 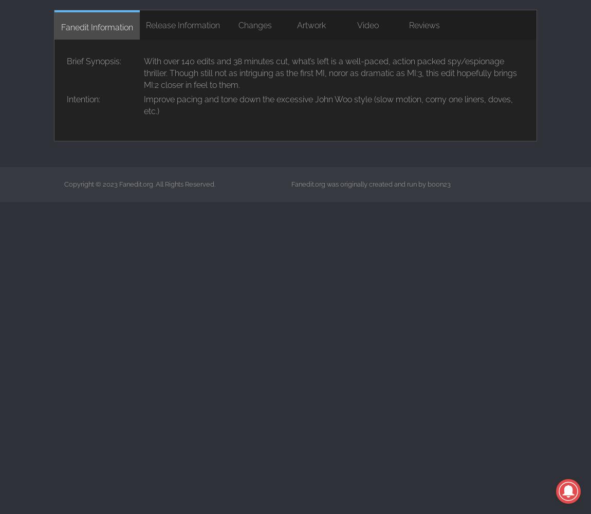 What do you see at coordinates (93, 61) in the screenshot?
I see `'Brief Synopsis:'` at bounding box center [93, 61].